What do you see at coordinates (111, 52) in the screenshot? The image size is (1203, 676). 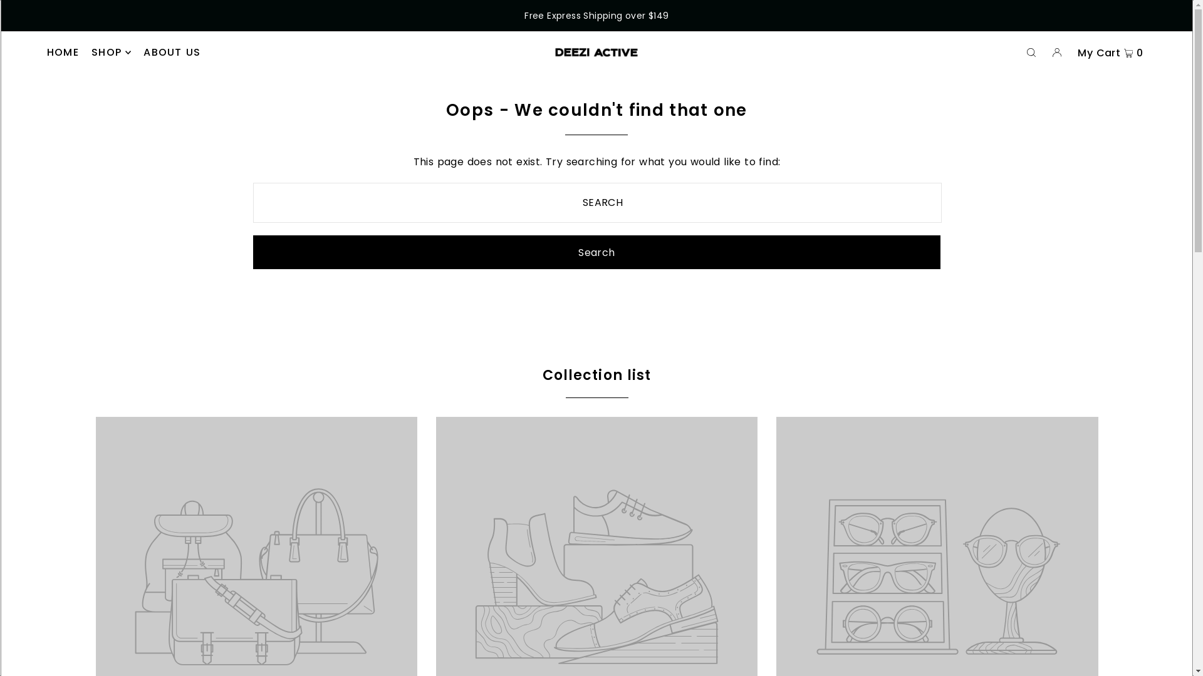 I see `'SHOP'` at bounding box center [111, 52].